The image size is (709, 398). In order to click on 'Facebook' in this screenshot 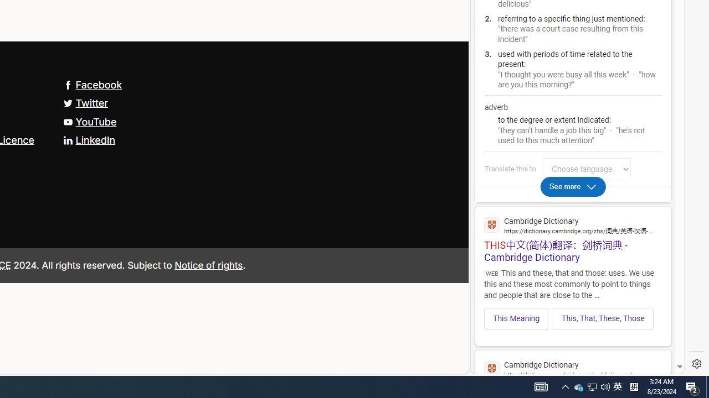, I will do `click(93, 84)`.